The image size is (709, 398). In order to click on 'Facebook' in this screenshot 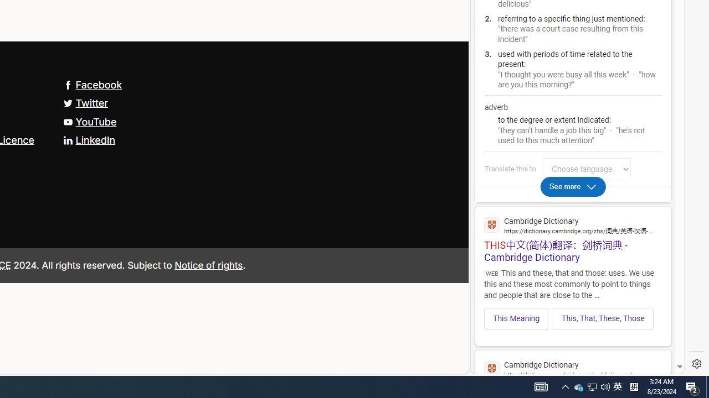, I will do `click(93, 84)`.